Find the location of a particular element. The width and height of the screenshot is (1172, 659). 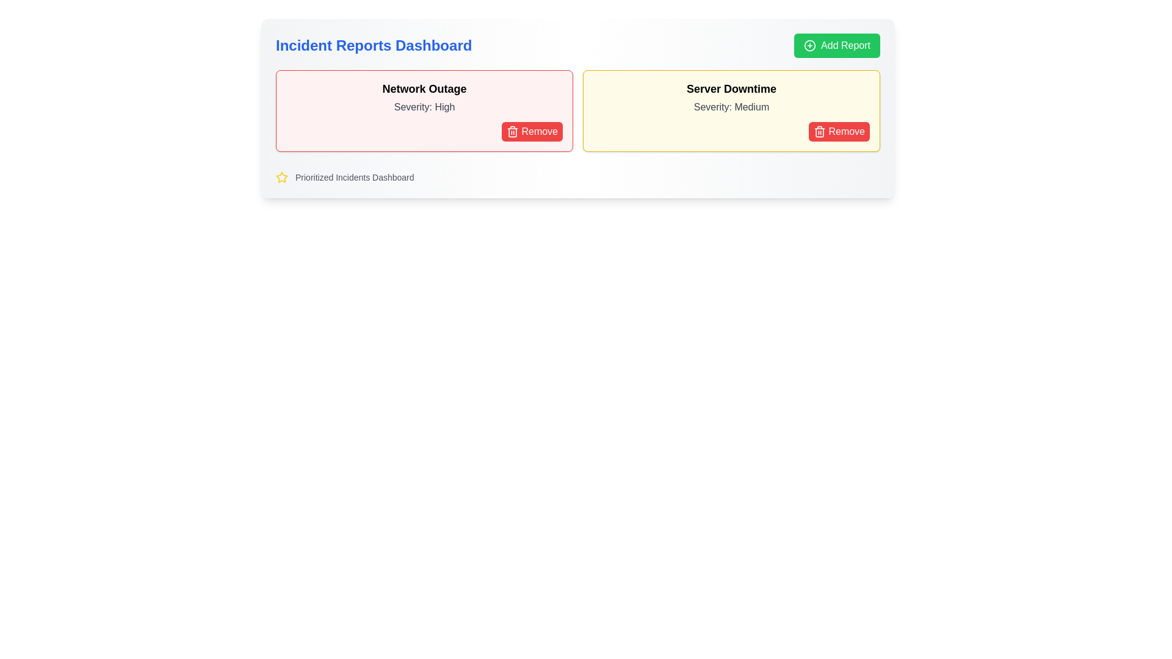

the green button labeled 'Add Report' located in the top-right corner of the 'Incident Reports Dashboard' is located at coordinates (836, 45).